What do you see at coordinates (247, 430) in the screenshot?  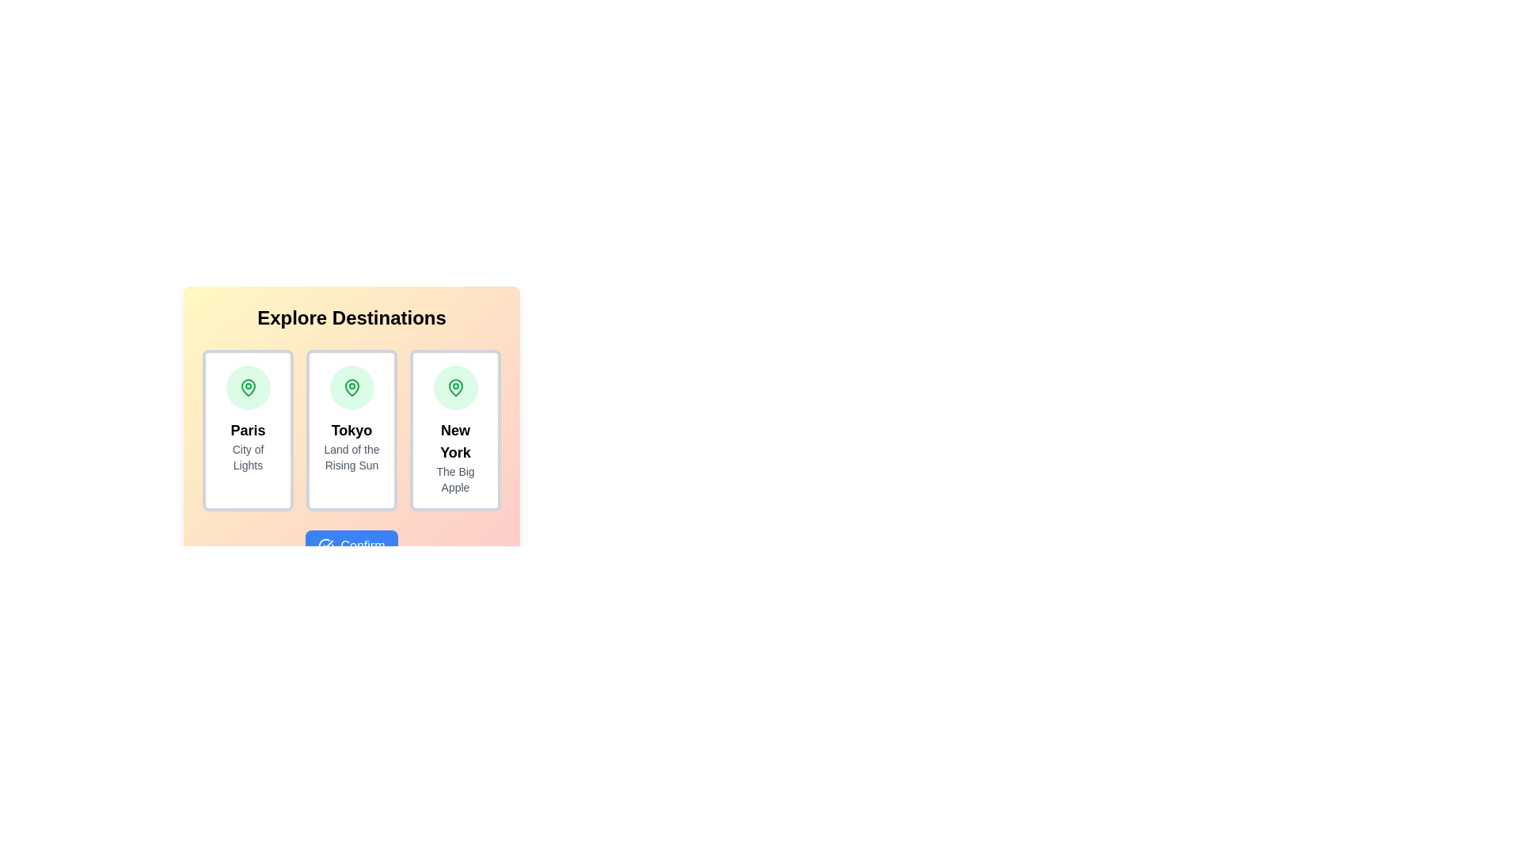 I see `the card representing Paris to select it` at bounding box center [247, 430].